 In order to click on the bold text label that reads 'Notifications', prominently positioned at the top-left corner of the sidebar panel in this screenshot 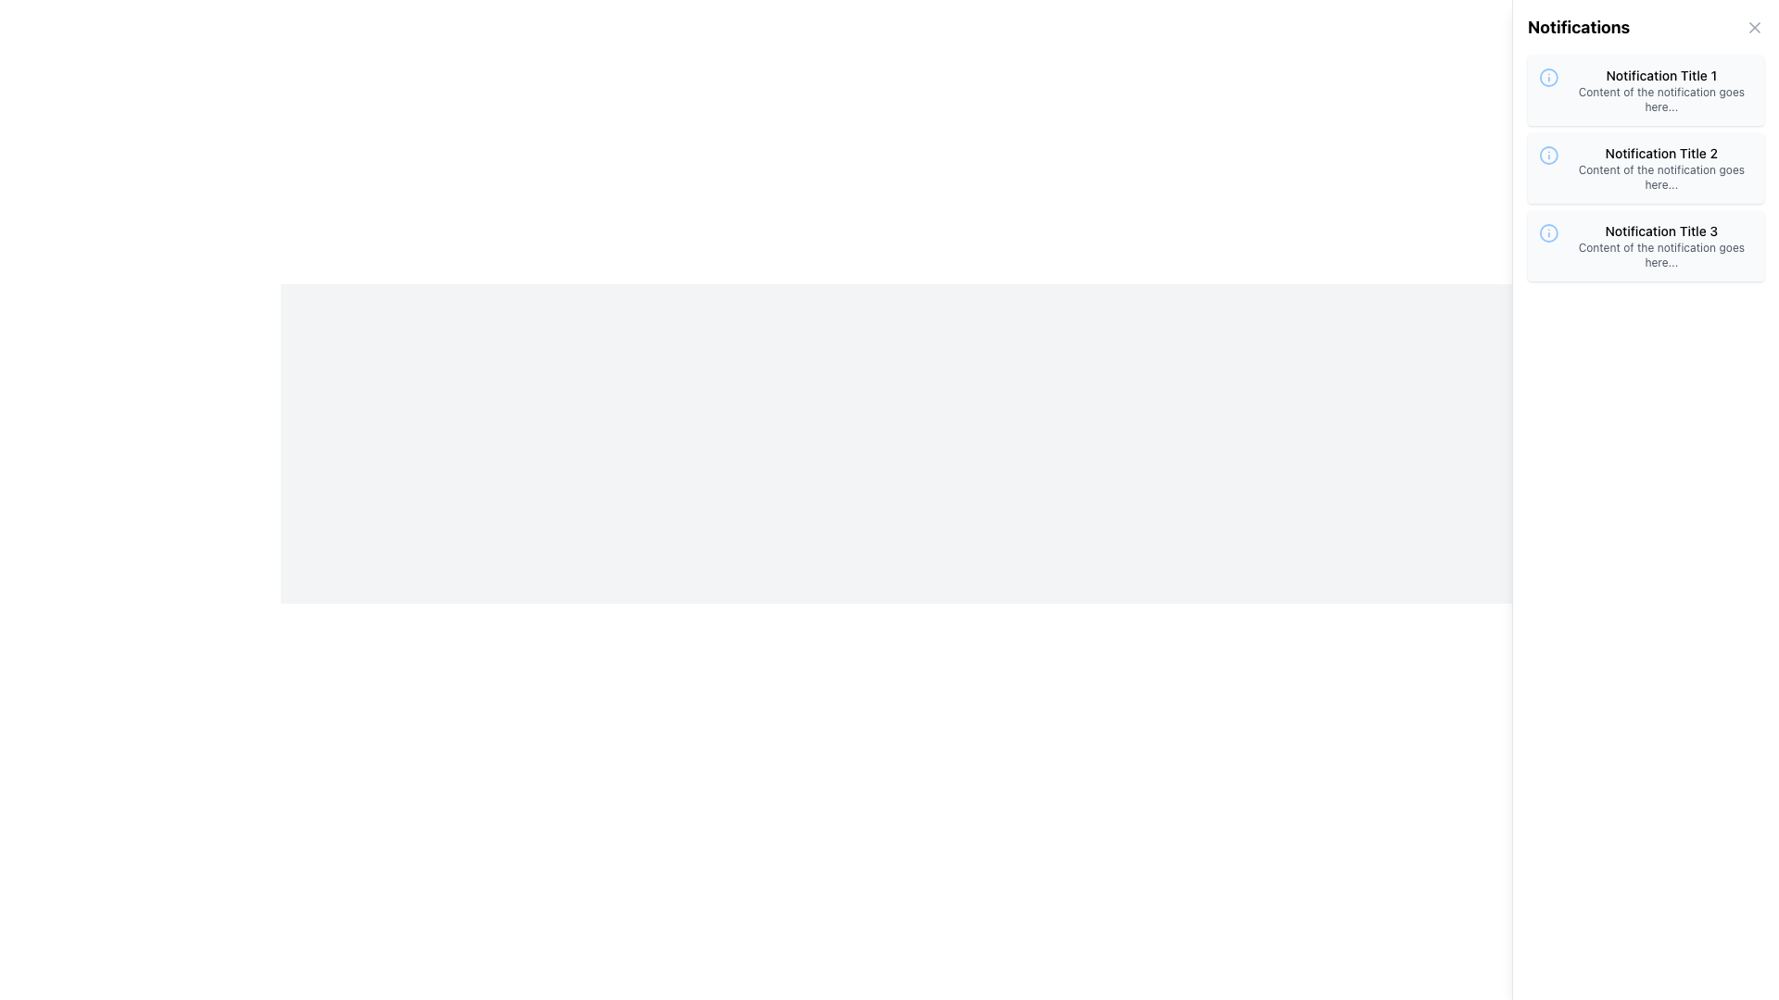, I will do `click(1578, 28)`.